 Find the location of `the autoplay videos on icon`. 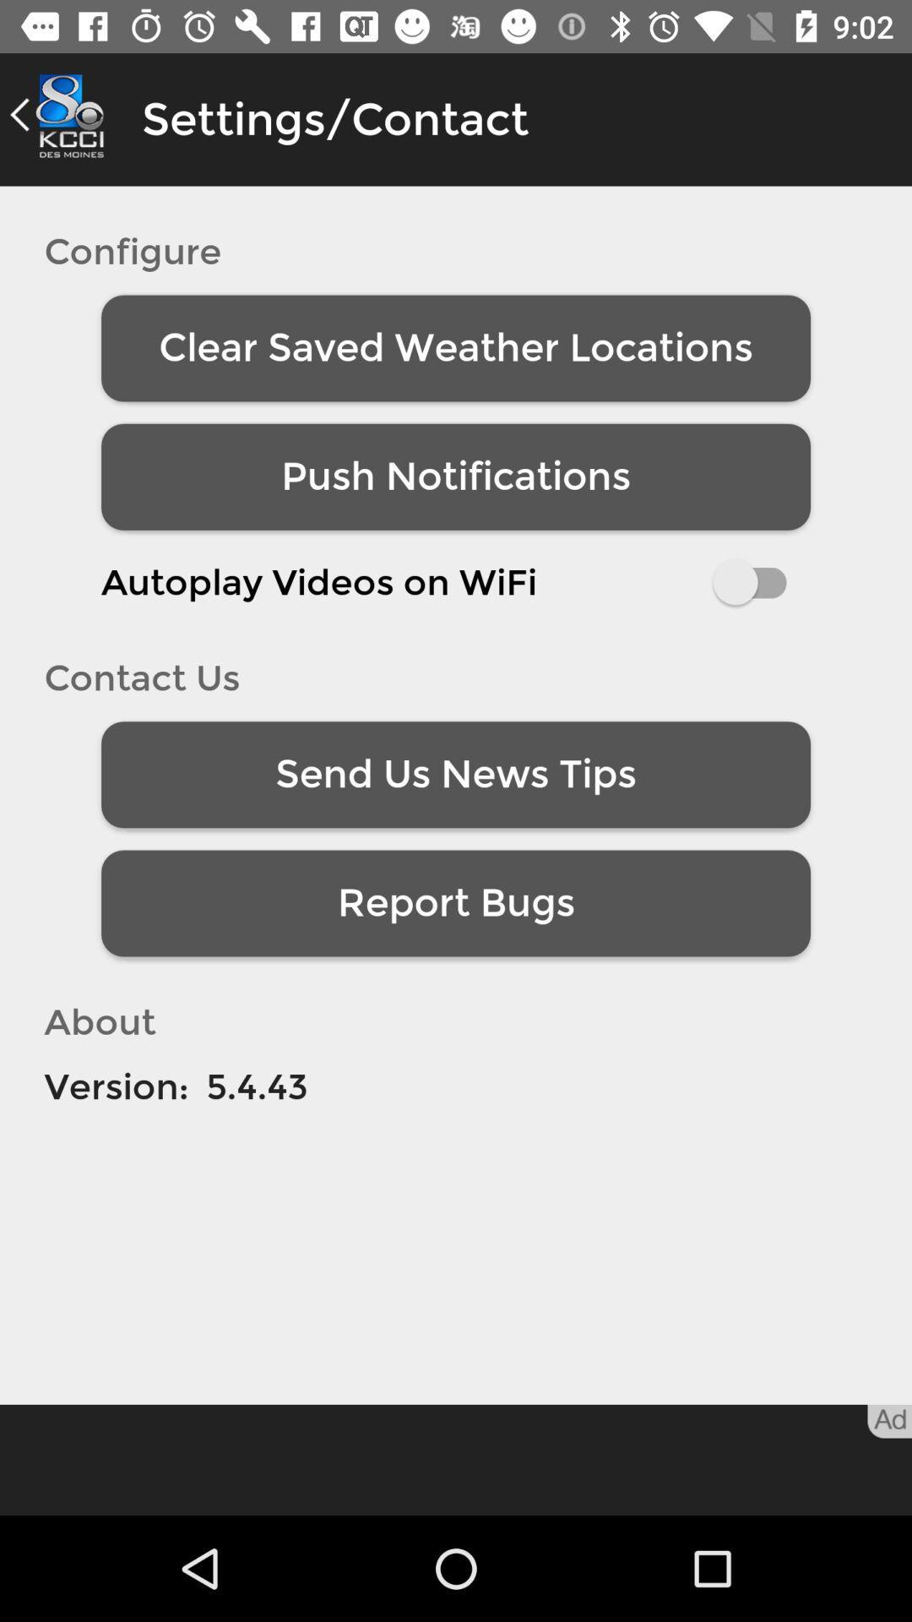

the autoplay videos on icon is located at coordinates (456, 582).